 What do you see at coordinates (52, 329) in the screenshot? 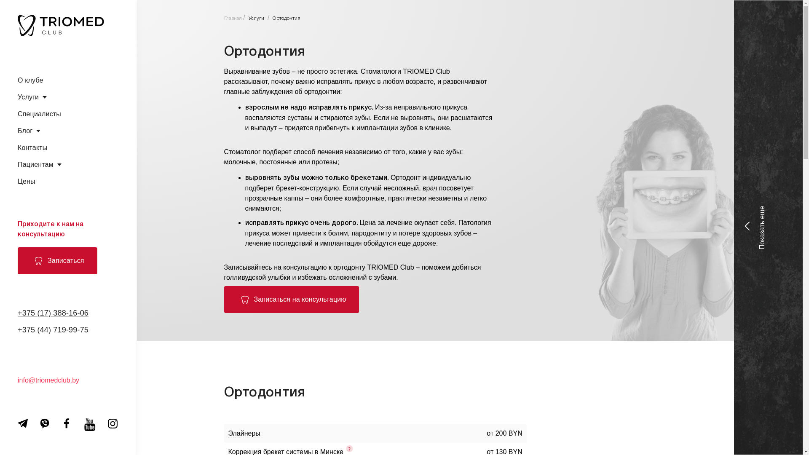
I see `'+375 (44) 719-99-75'` at bounding box center [52, 329].